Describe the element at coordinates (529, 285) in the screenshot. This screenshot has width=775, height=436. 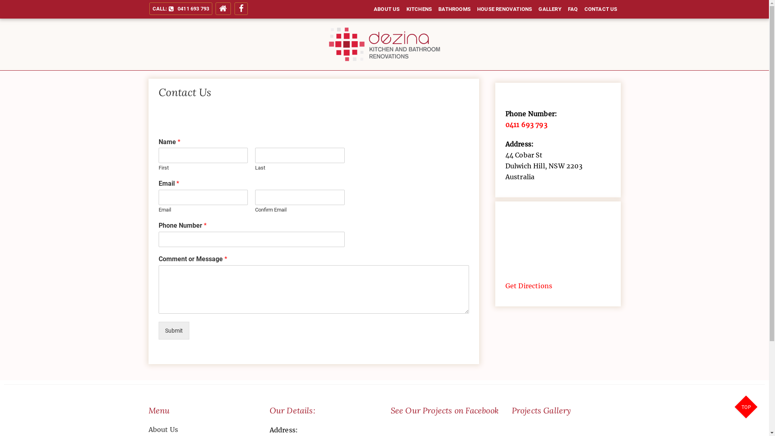
I see `'Get Directions'` at that location.